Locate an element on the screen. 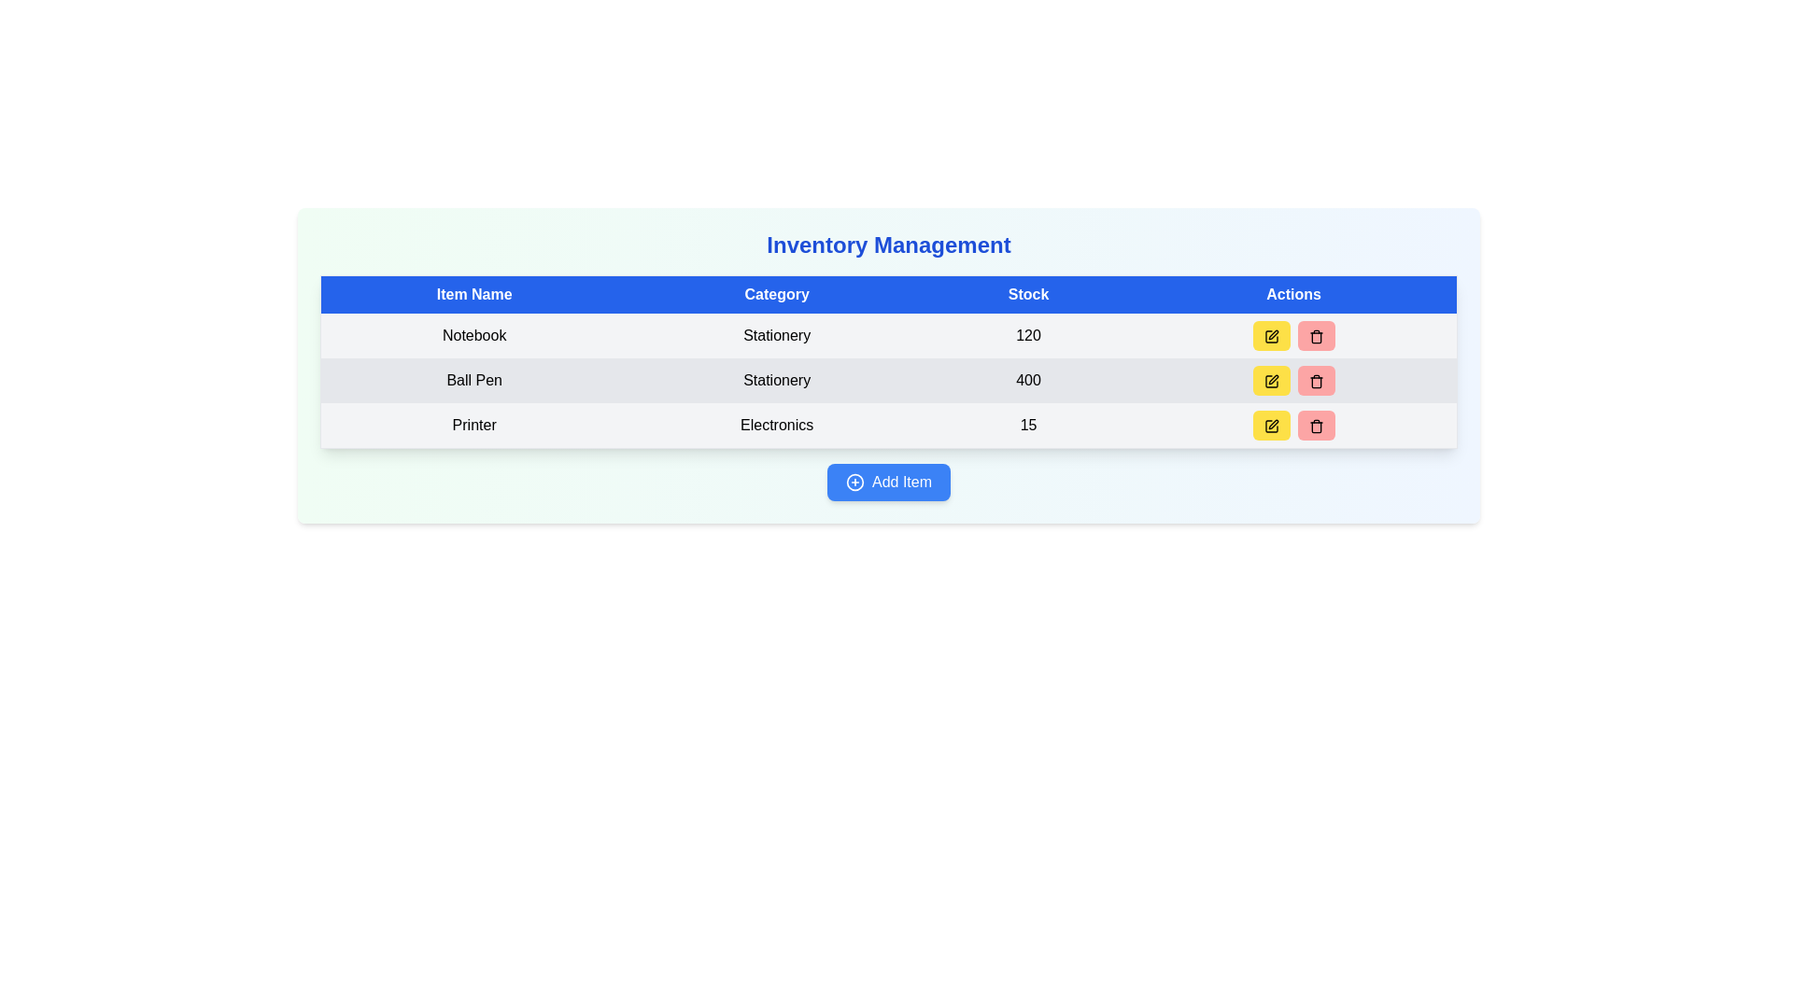 Image resolution: width=1793 pixels, height=1008 pixels. the 'Stationery' text label in the second row of the table under the 'Category' column for the 'Ball Pen' item is located at coordinates (777, 380).